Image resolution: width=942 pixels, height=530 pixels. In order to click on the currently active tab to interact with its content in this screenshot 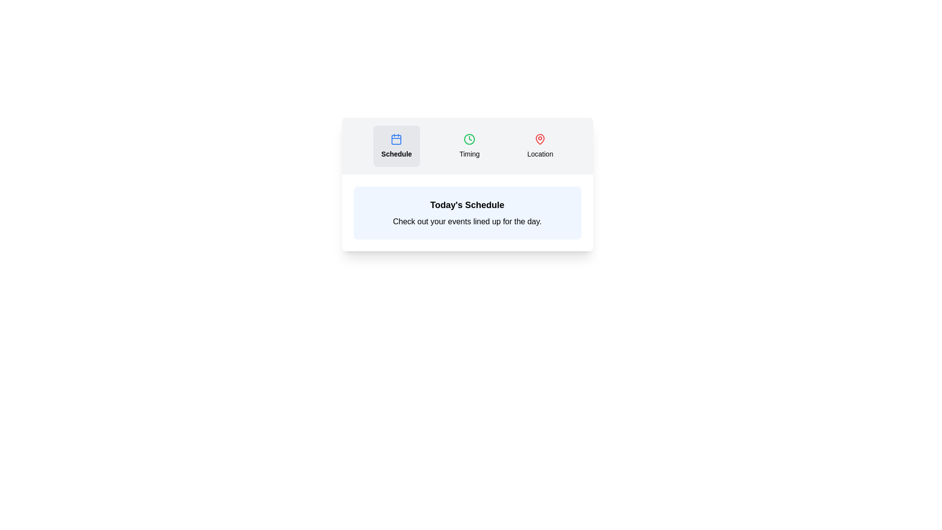, I will do `click(396, 146)`.